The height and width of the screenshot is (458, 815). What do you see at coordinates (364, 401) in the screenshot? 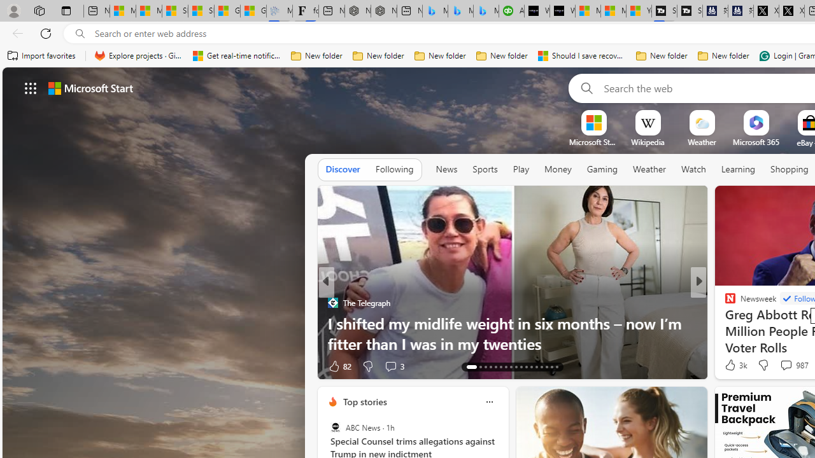
I see `'Top stories'` at bounding box center [364, 401].